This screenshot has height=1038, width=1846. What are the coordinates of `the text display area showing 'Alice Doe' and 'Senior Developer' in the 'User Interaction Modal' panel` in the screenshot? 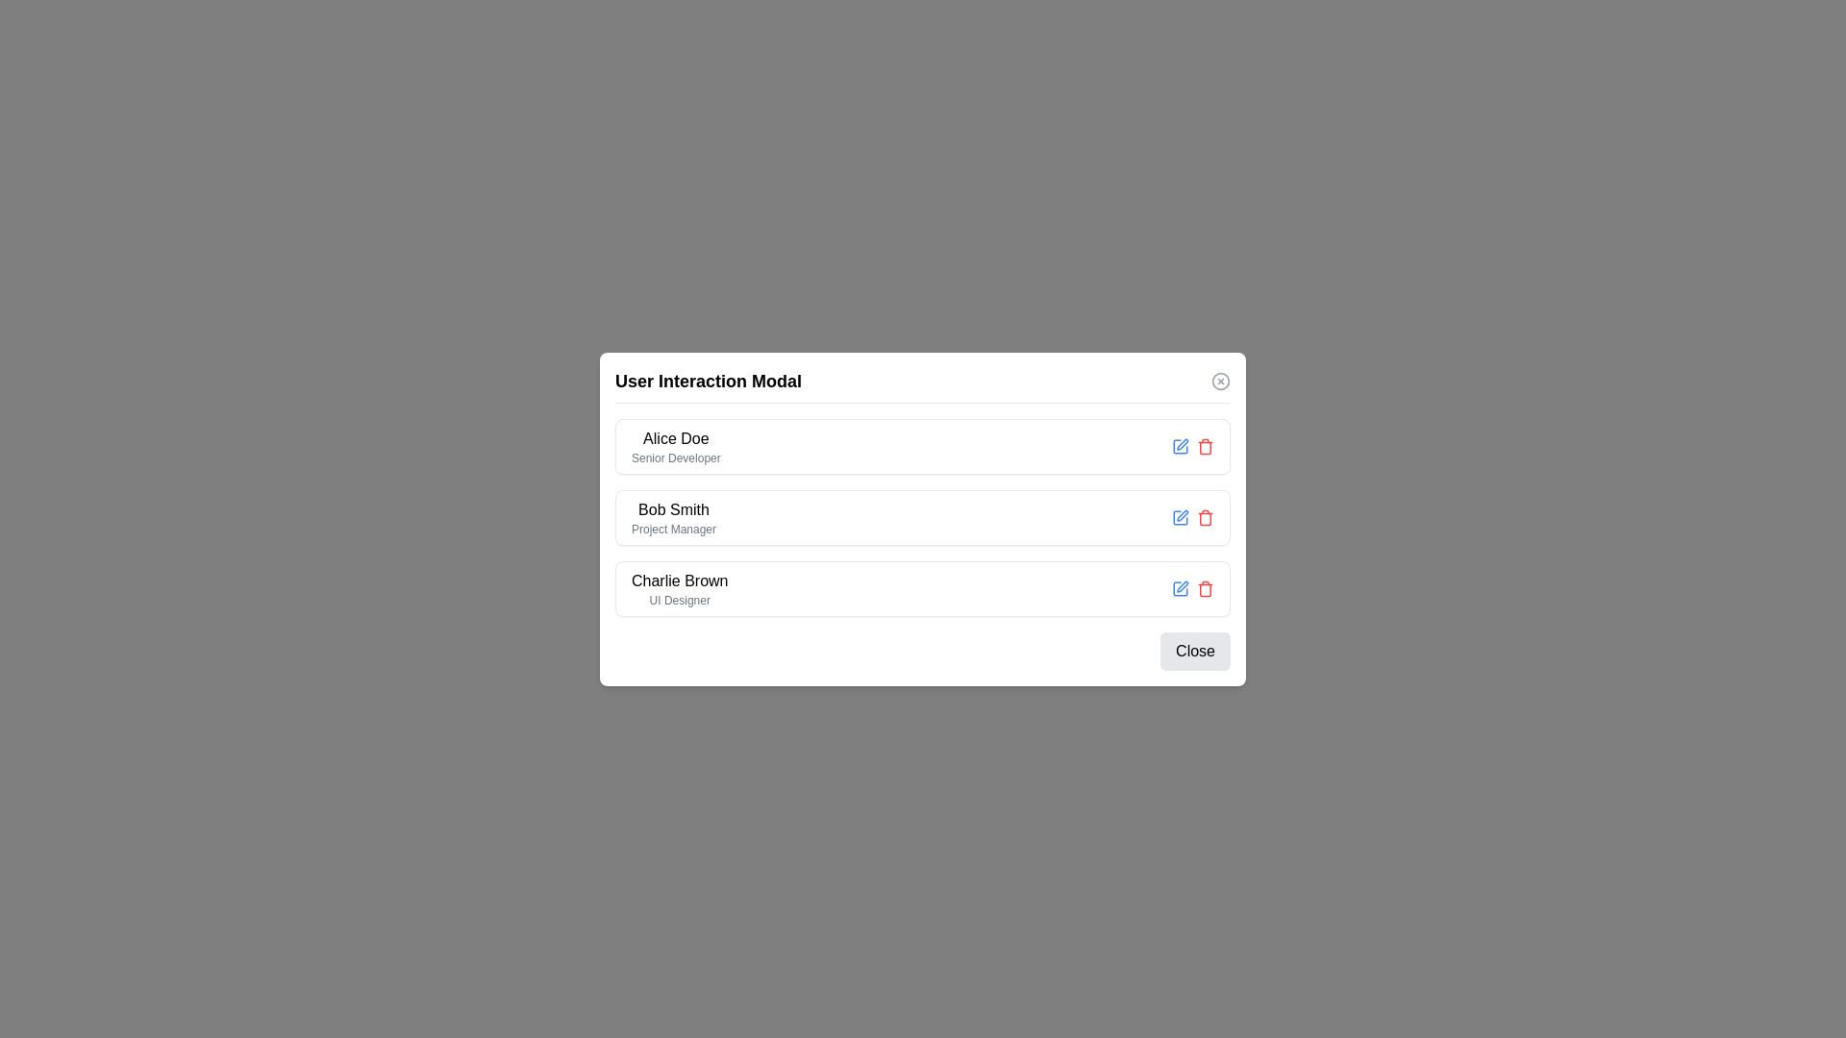 It's located at (676, 446).